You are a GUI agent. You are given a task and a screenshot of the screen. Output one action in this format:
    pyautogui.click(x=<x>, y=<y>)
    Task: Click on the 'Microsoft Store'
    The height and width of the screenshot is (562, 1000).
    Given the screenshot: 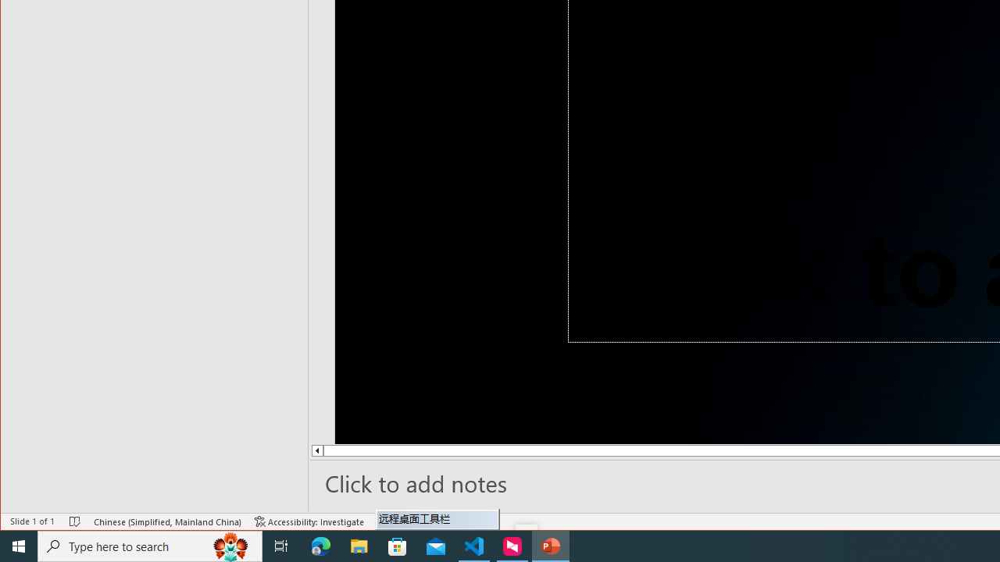 What is the action you would take?
    pyautogui.click(x=398, y=545)
    